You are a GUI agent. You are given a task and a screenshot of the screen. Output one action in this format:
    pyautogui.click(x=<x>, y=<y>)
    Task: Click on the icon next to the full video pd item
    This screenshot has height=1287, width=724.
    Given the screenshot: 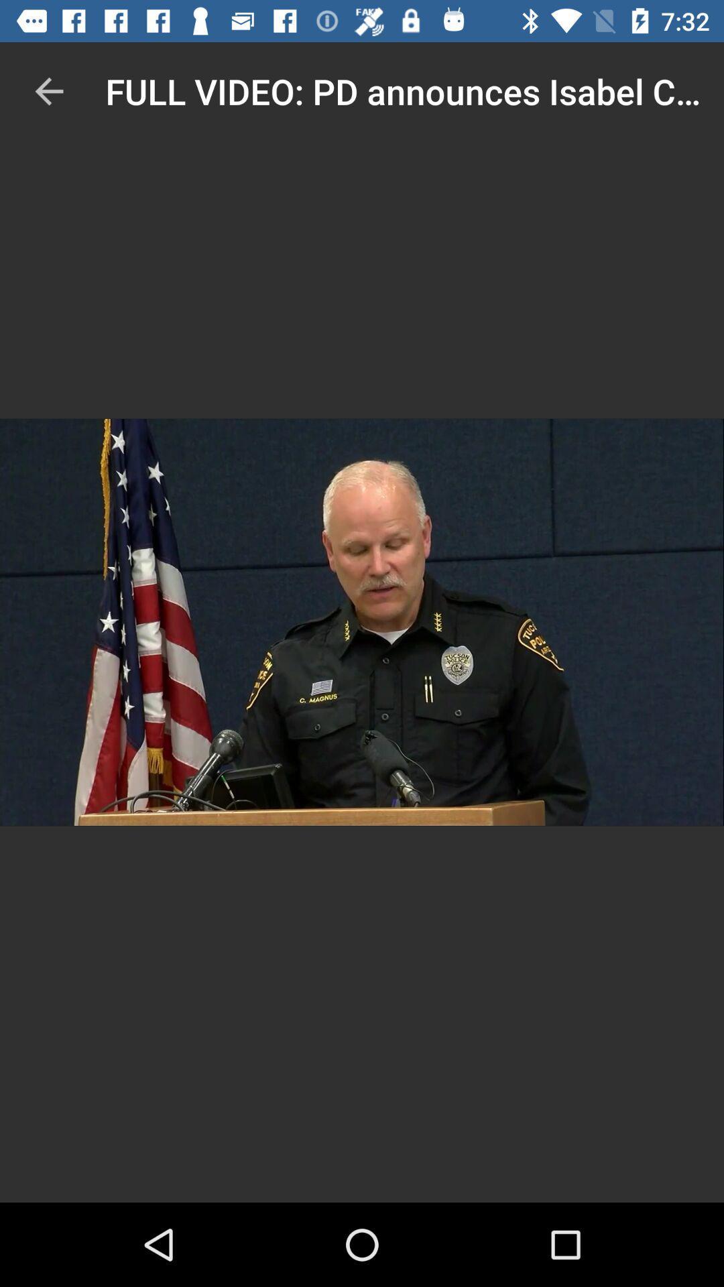 What is the action you would take?
    pyautogui.click(x=48, y=90)
    